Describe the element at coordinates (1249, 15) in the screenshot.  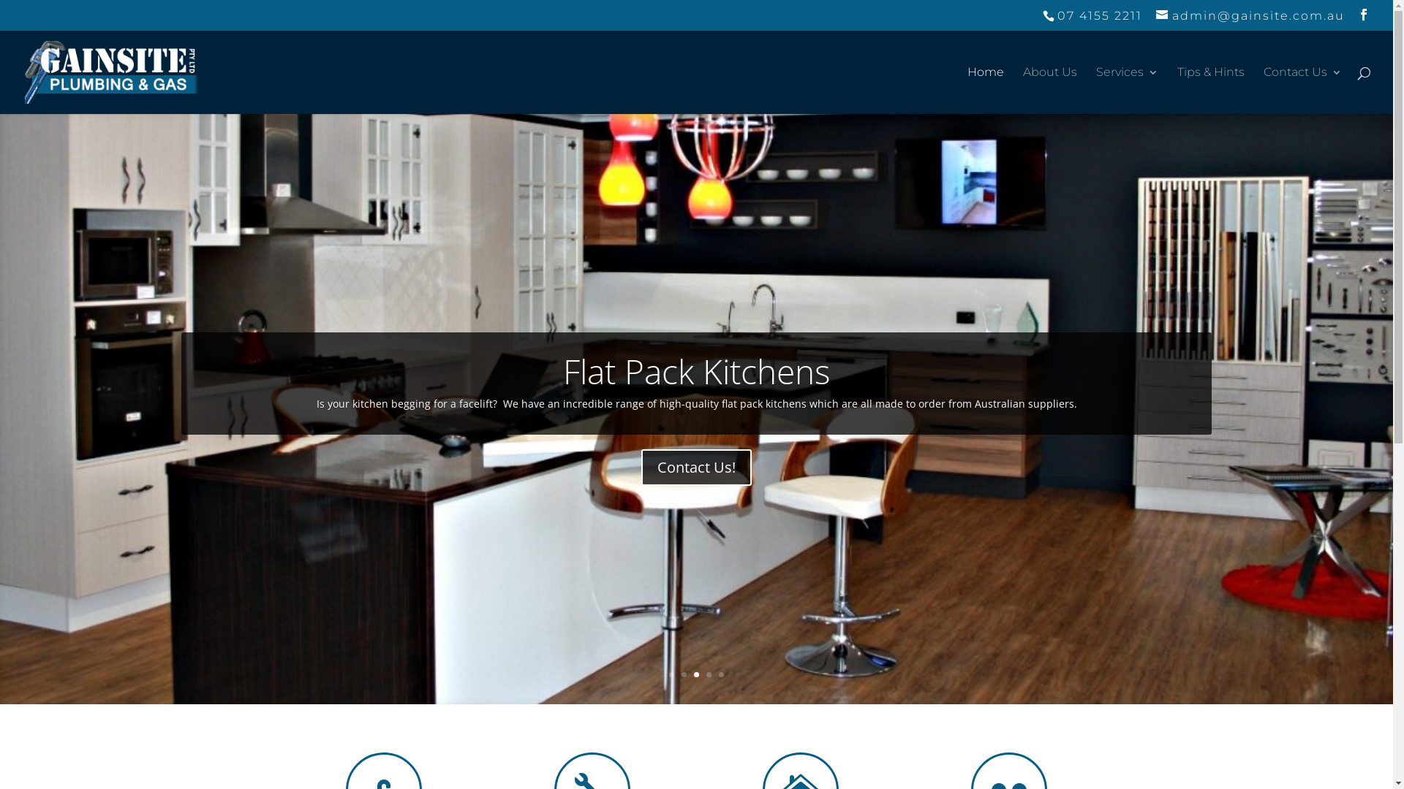
I see `'admin@gainsite.com.au'` at that location.